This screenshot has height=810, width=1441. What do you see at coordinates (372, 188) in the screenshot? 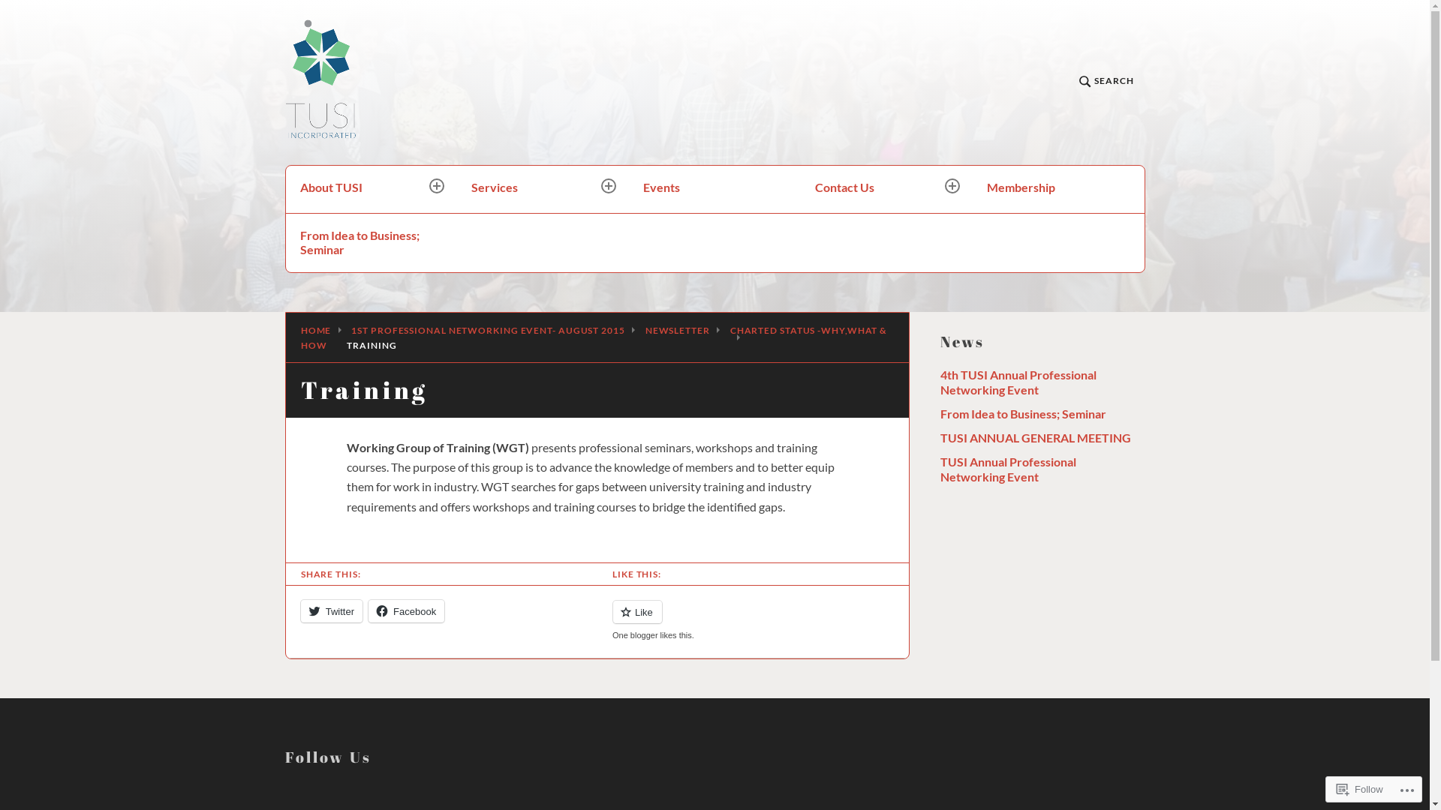
I see `'About TUSI'` at bounding box center [372, 188].